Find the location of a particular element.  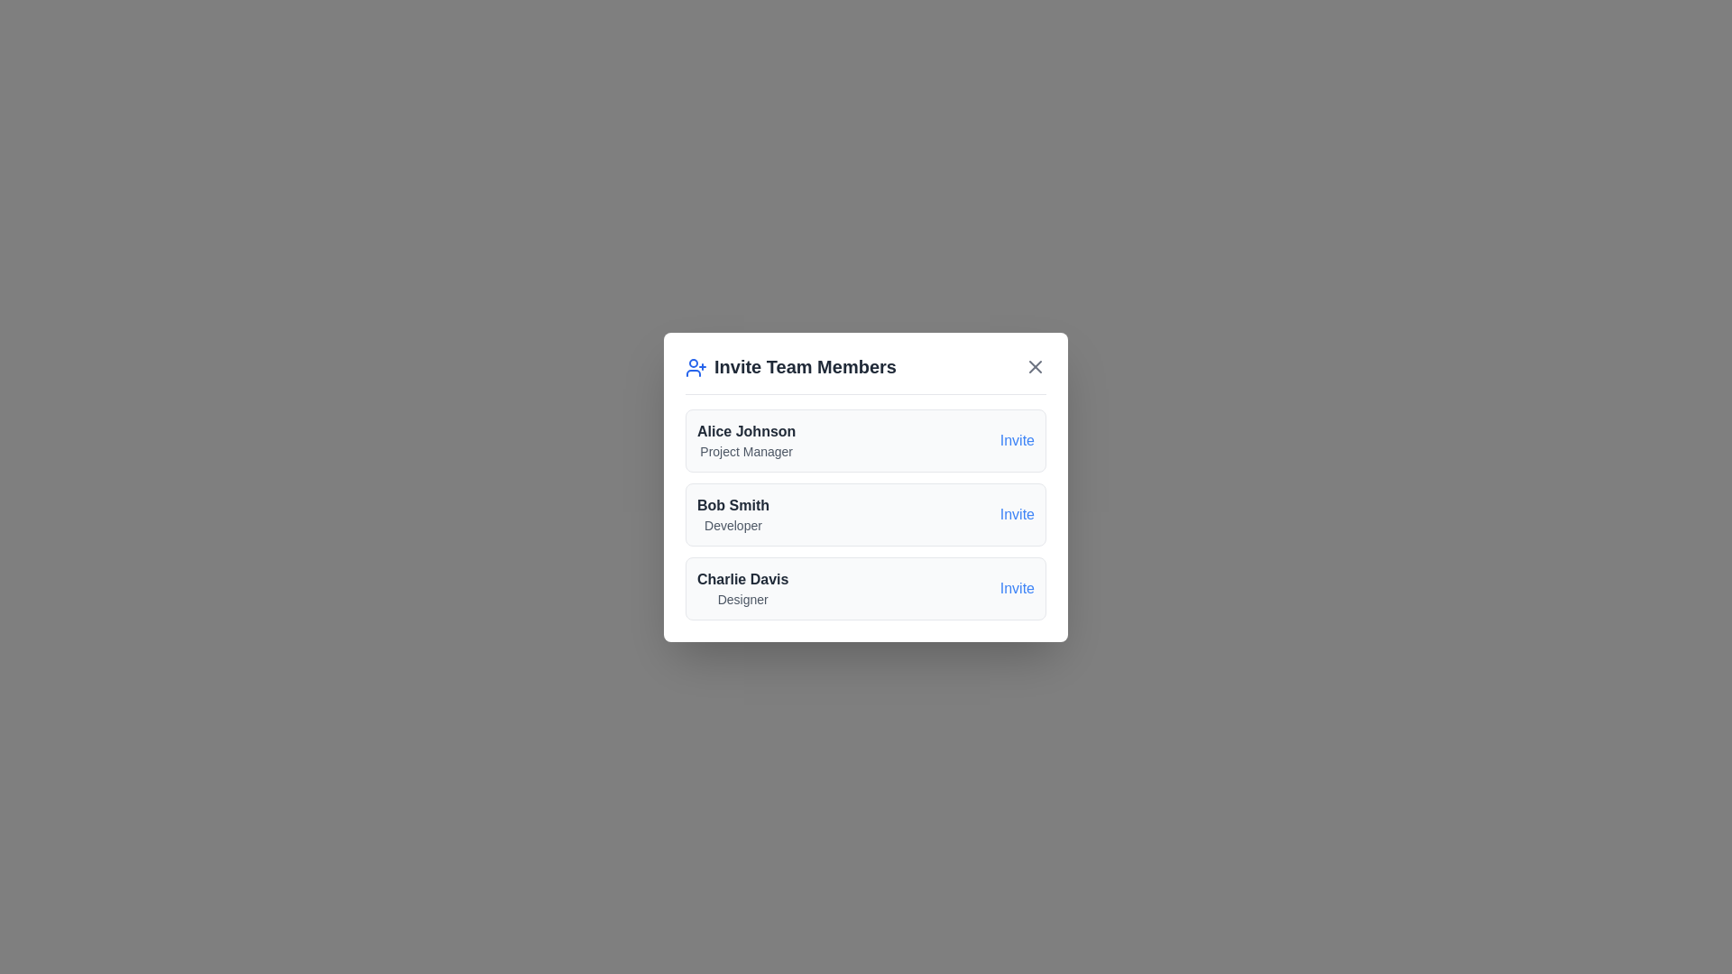

the invite button for Bob Smith is located at coordinates (1017, 514).